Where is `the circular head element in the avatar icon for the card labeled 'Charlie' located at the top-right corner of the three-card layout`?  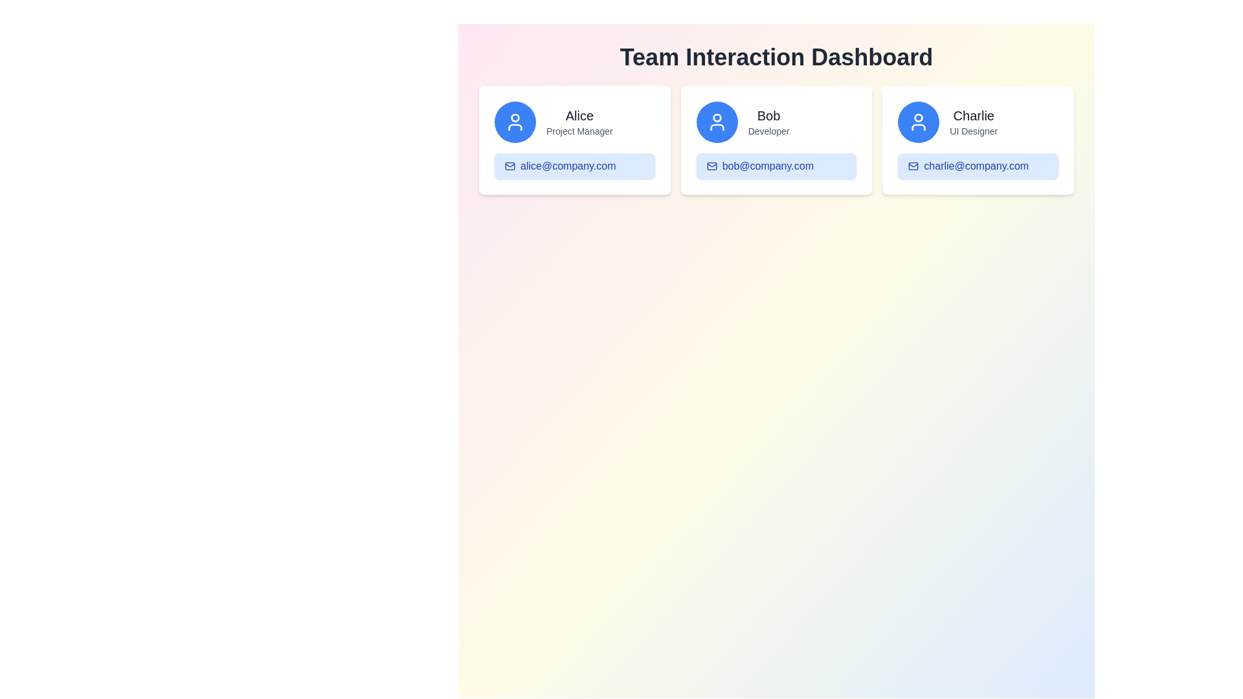 the circular head element in the avatar icon for the card labeled 'Charlie' located at the top-right corner of the three-card layout is located at coordinates (918, 118).